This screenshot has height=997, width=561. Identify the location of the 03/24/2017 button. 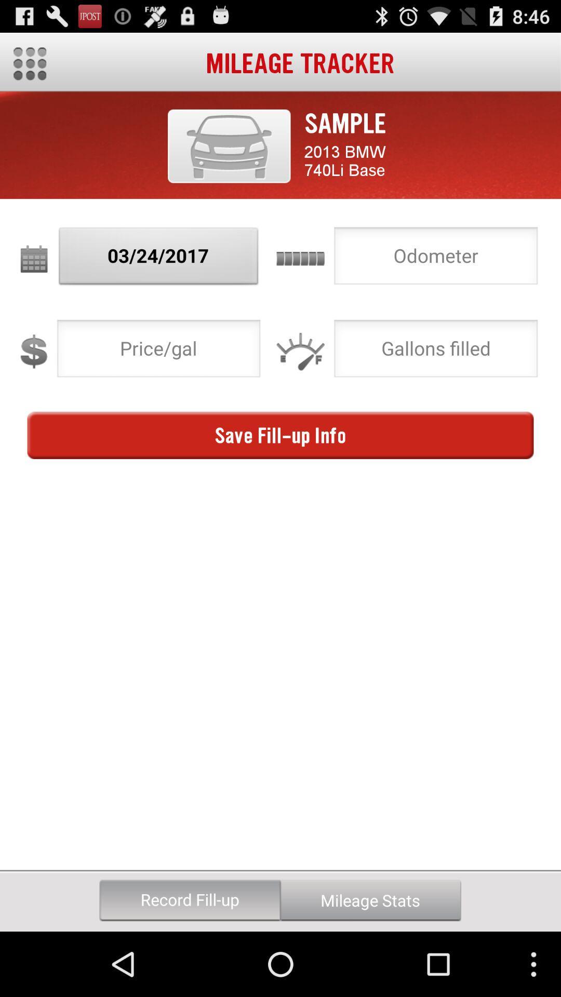
(158, 259).